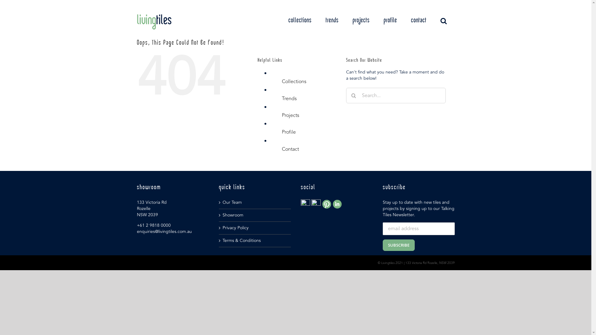  What do you see at coordinates (443, 20) in the screenshot?
I see `'Search'` at bounding box center [443, 20].